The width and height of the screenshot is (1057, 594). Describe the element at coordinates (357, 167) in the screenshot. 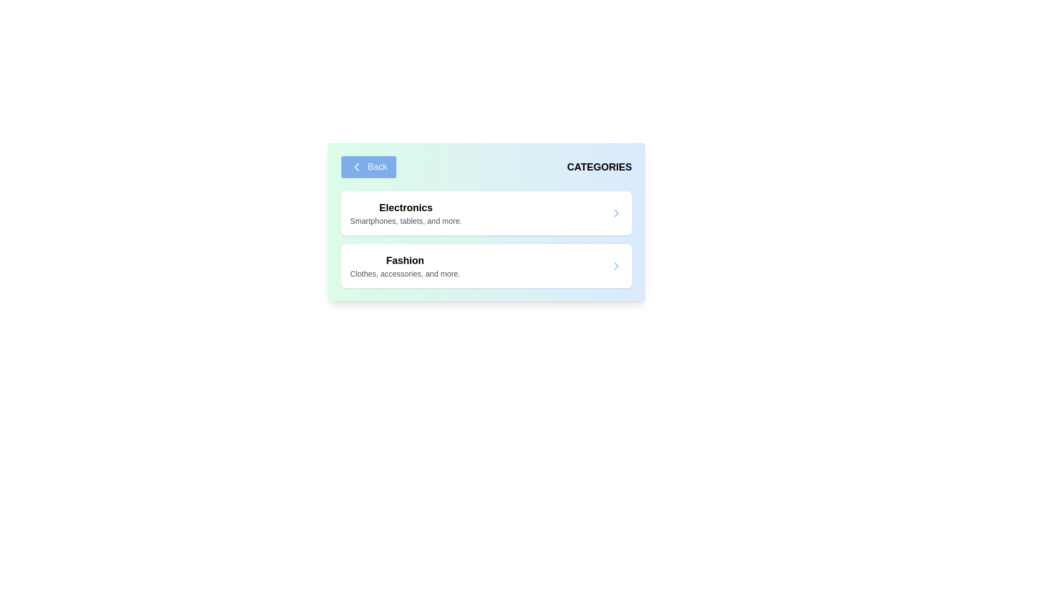

I see `the left-facing chevron icon styled in white, located to the left of the 'Back' button` at that location.